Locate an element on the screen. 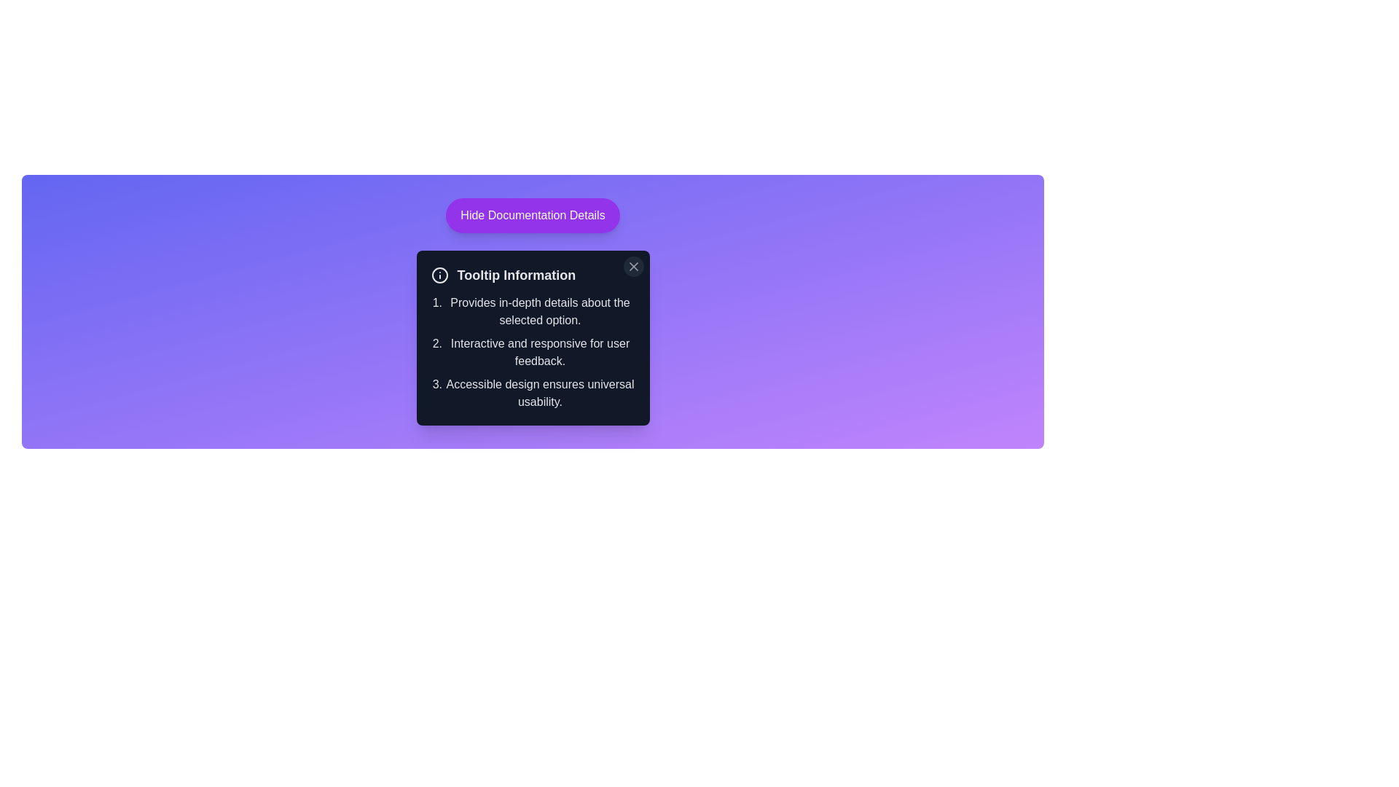  the Textual List element located inside the 'Tooltip Information' tooltip, which provides detailed guidance and spans the majority of the tooltip's width is located at coordinates (532, 352).